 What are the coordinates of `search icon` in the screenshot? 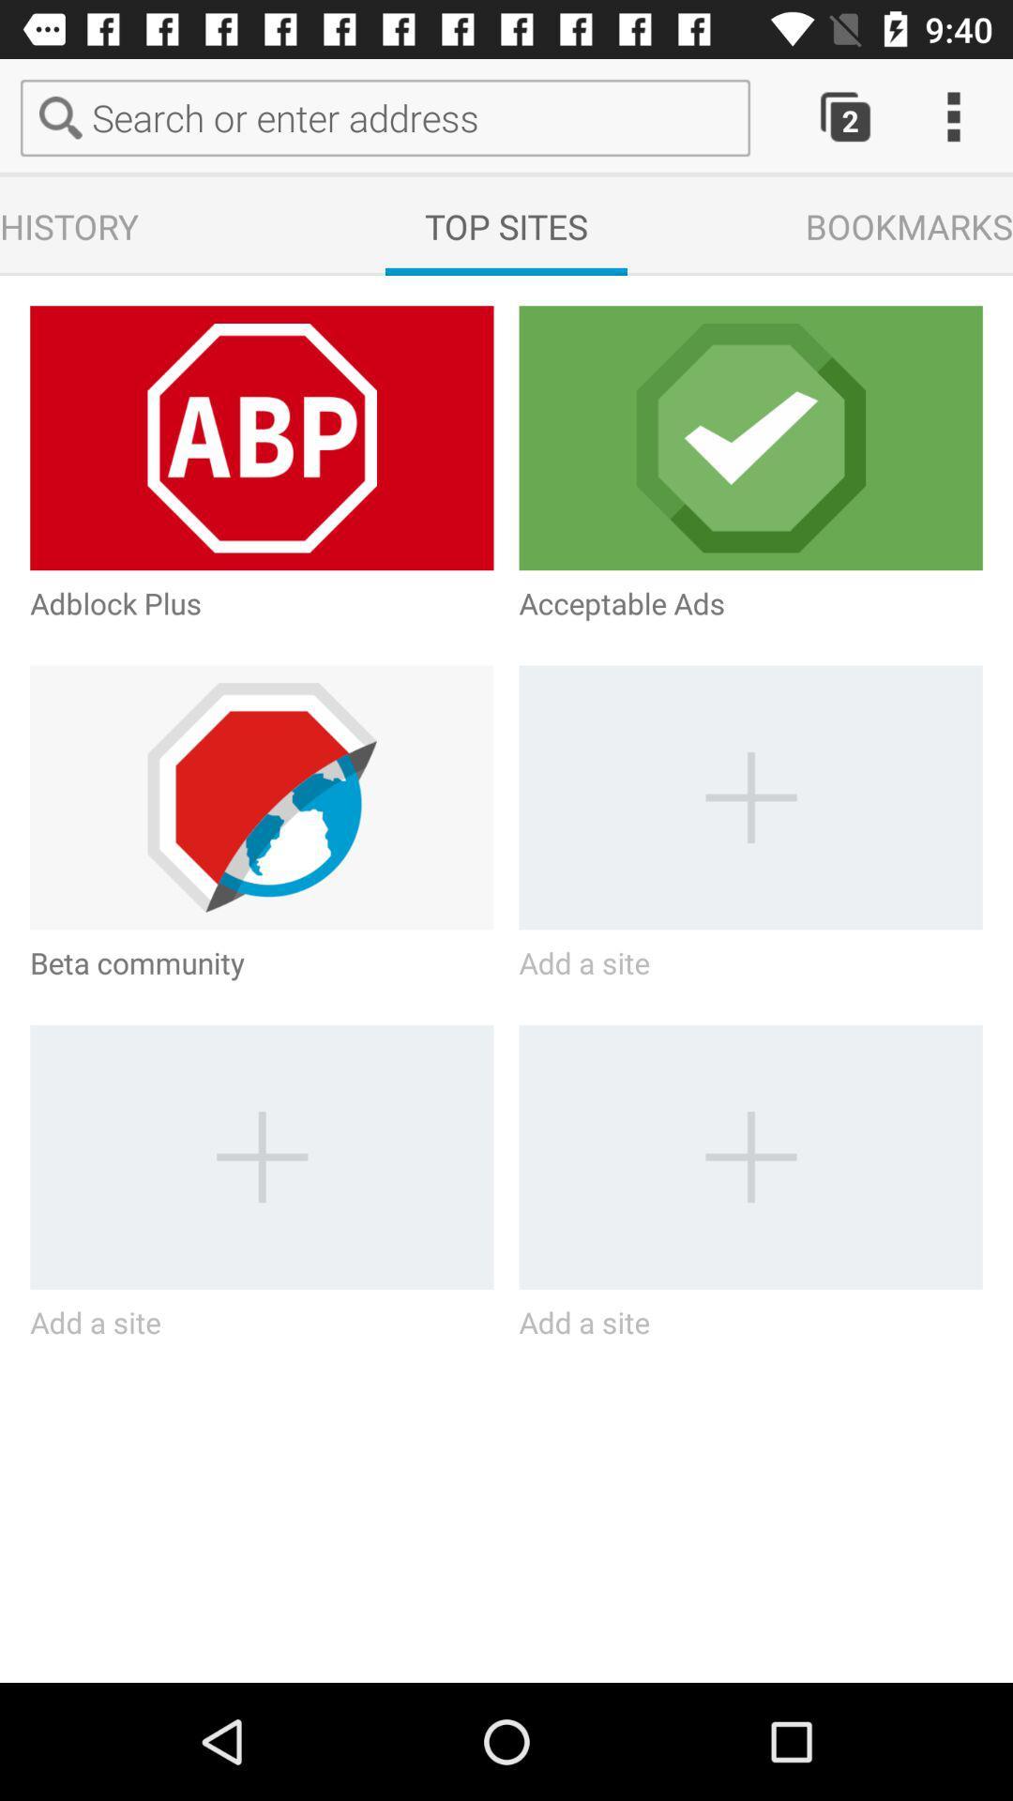 It's located at (64, 116).